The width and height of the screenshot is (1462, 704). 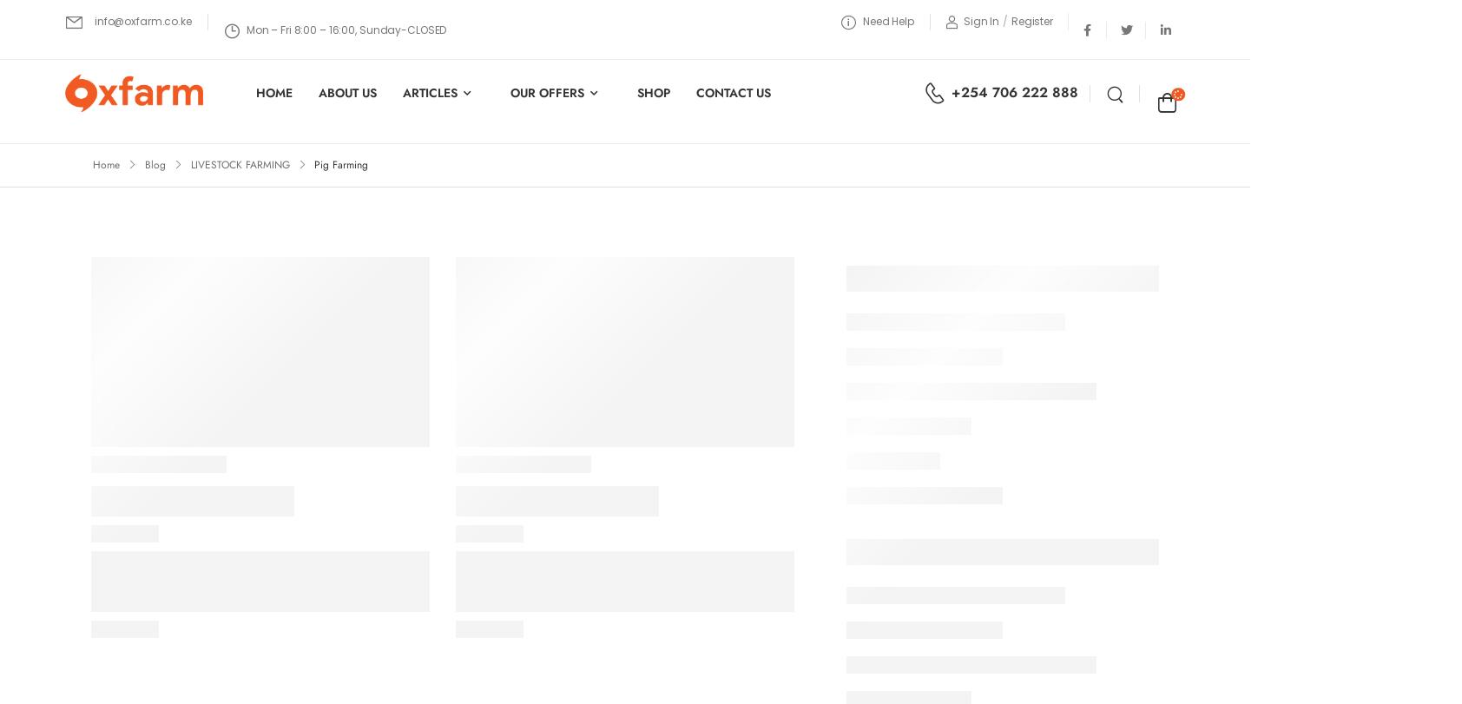 What do you see at coordinates (497, 438) in the screenshot?
I see `'Usefull Links'` at bounding box center [497, 438].